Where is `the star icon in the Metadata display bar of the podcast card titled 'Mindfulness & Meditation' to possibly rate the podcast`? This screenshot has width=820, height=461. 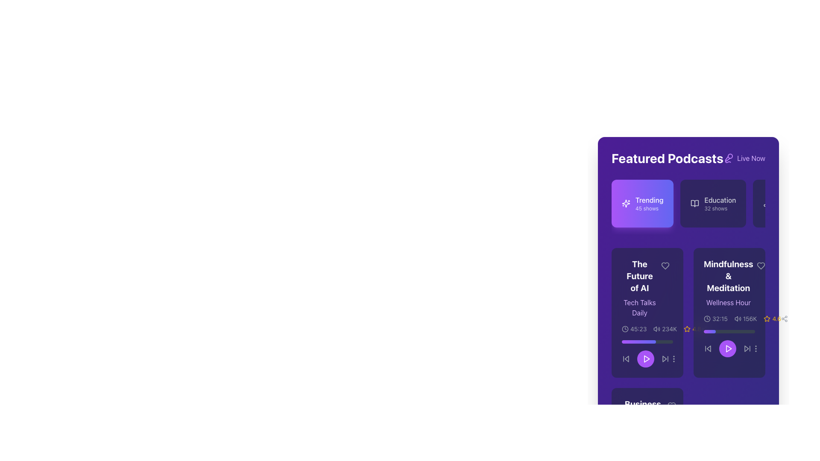 the star icon in the Metadata display bar of the podcast card titled 'Mindfulness & Meditation' to possibly rate the podcast is located at coordinates (741, 319).